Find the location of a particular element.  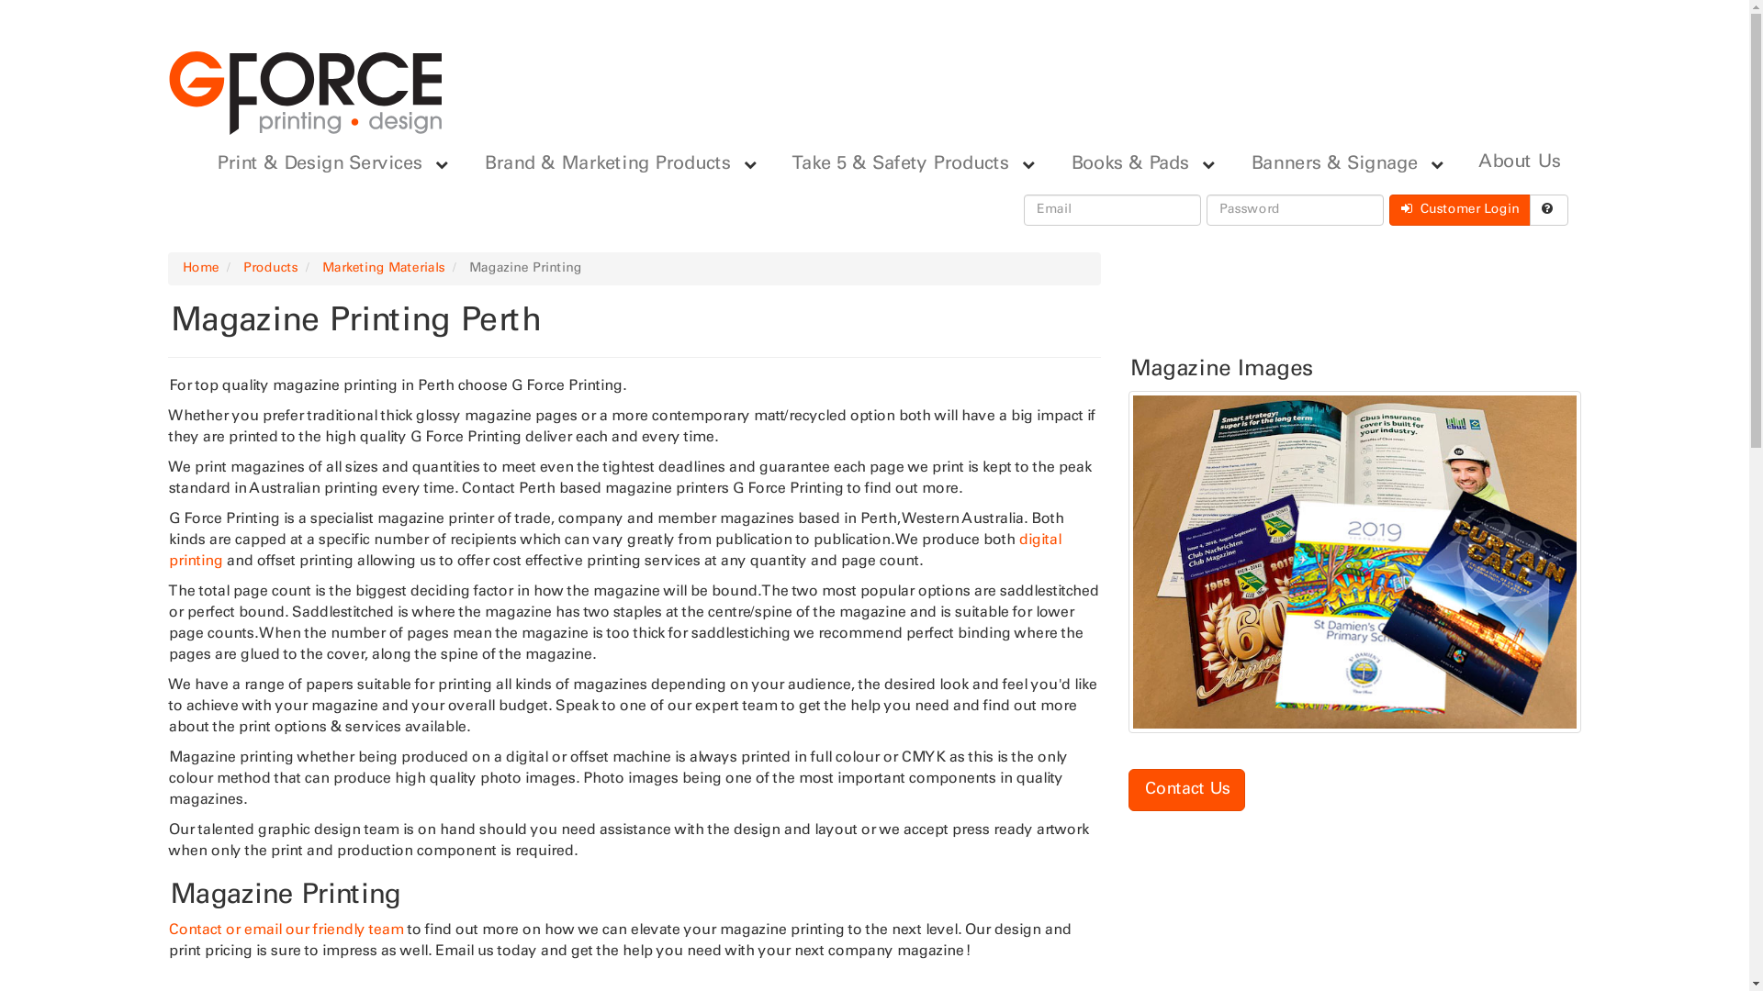

'  Customer Login' is located at coordinates (1457, 208).